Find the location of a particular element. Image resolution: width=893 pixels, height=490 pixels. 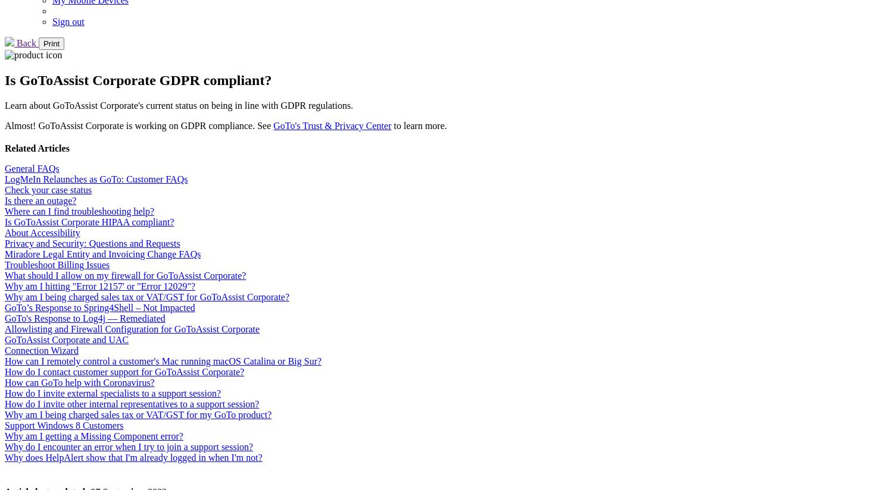

'Allowlisting and Firewall Configuration for GoToAssist Corporate' is located at coordinates (4, 328).